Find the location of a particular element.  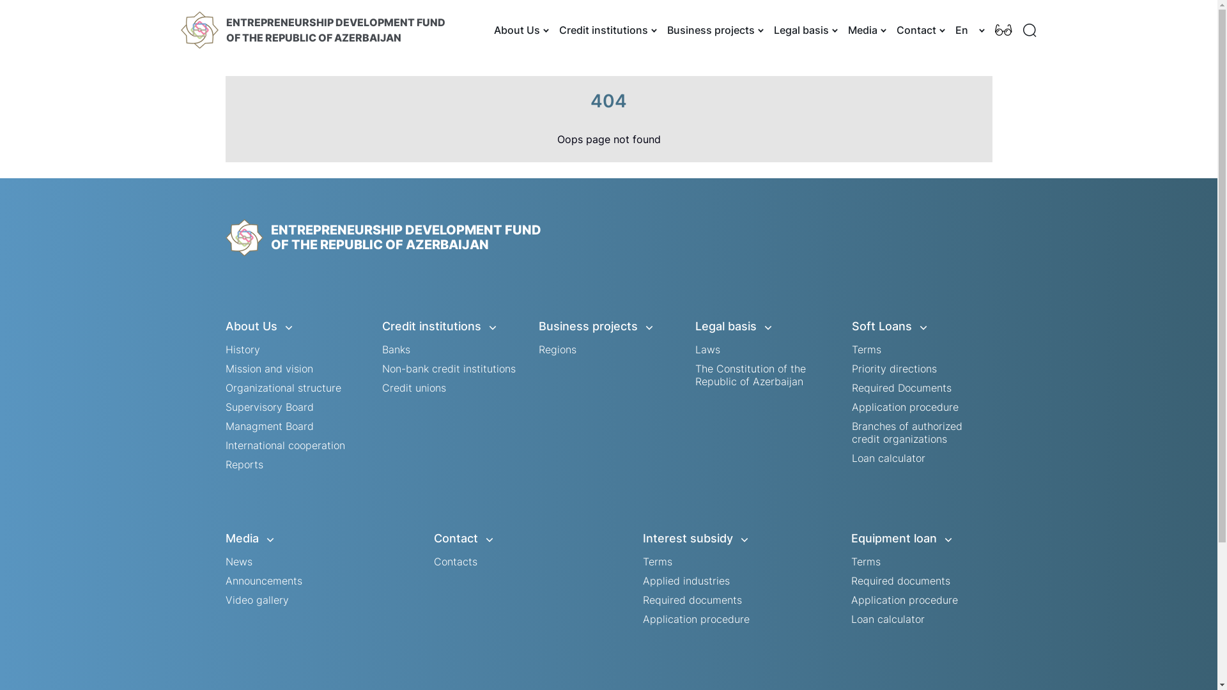

'Branches of authorized credit organizations' is located at coordinates (906, 432).